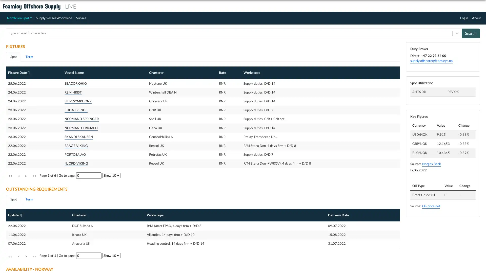 The image size is (486, 273). Describe the element at coordinates (471, 33) in the screenshot. I see `Search` at that location.